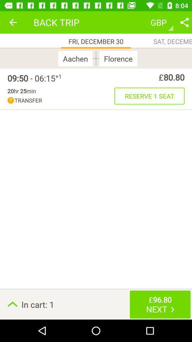  What do you see at coordinates (61, 100) in the screenshot?
I see `transfer icon` at bounding box center [61, 100].